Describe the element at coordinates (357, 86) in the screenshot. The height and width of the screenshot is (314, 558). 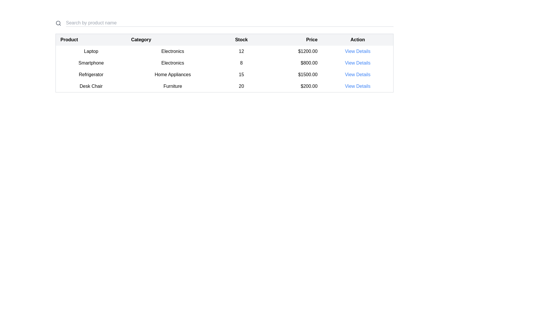
I see `the hyperlink in the 'Action' column for the 'Desk Chair' item` at that location.